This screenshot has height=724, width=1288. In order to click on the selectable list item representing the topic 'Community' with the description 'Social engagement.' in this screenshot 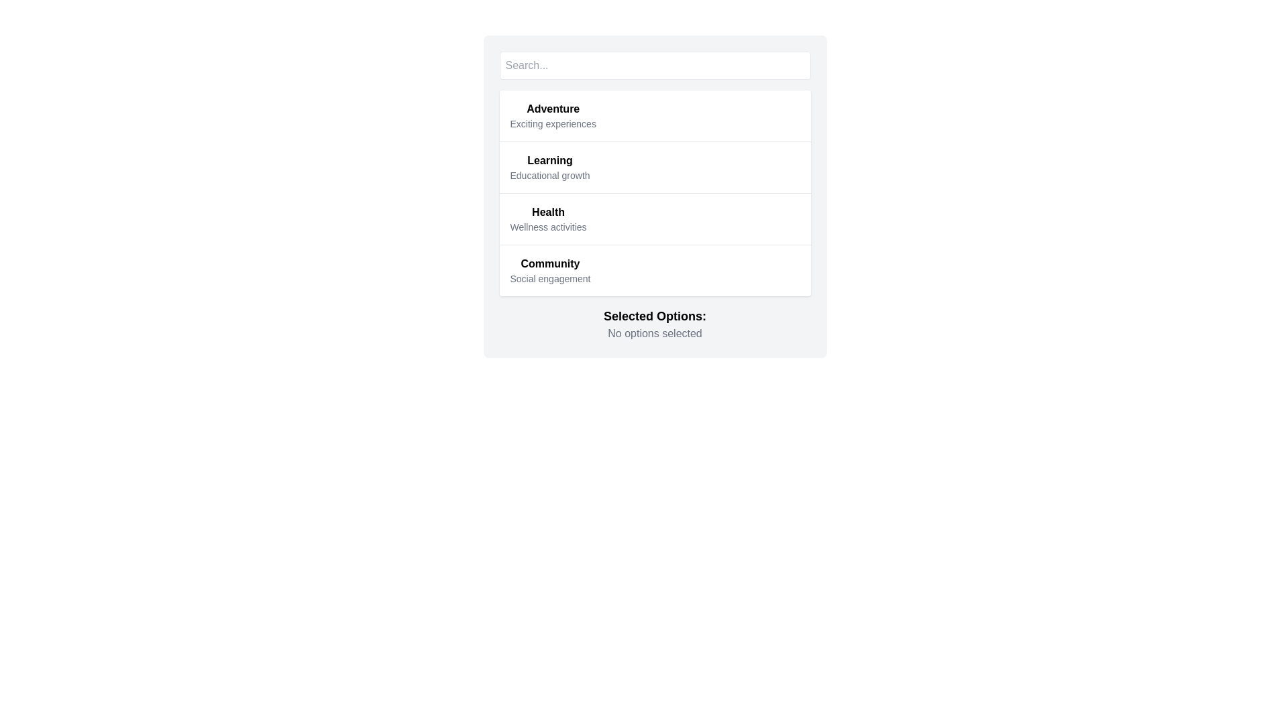, I will do `click(655, 270)`.